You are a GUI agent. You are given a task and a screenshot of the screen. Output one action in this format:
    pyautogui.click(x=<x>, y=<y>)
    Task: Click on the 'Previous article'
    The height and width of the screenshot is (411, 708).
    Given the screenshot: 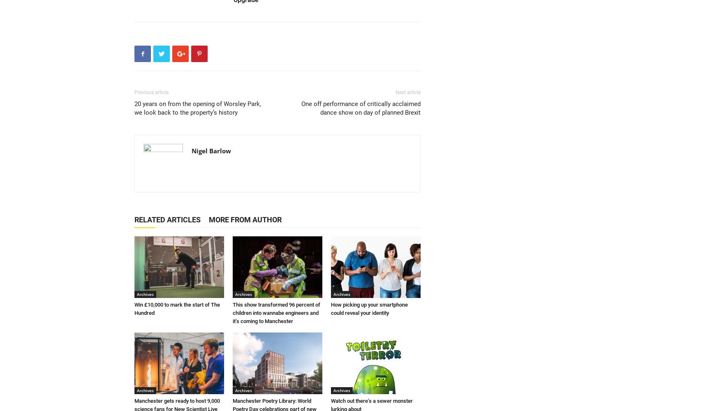 What is the action you would take?
    pyautogui.click(x=134, y=92)
    